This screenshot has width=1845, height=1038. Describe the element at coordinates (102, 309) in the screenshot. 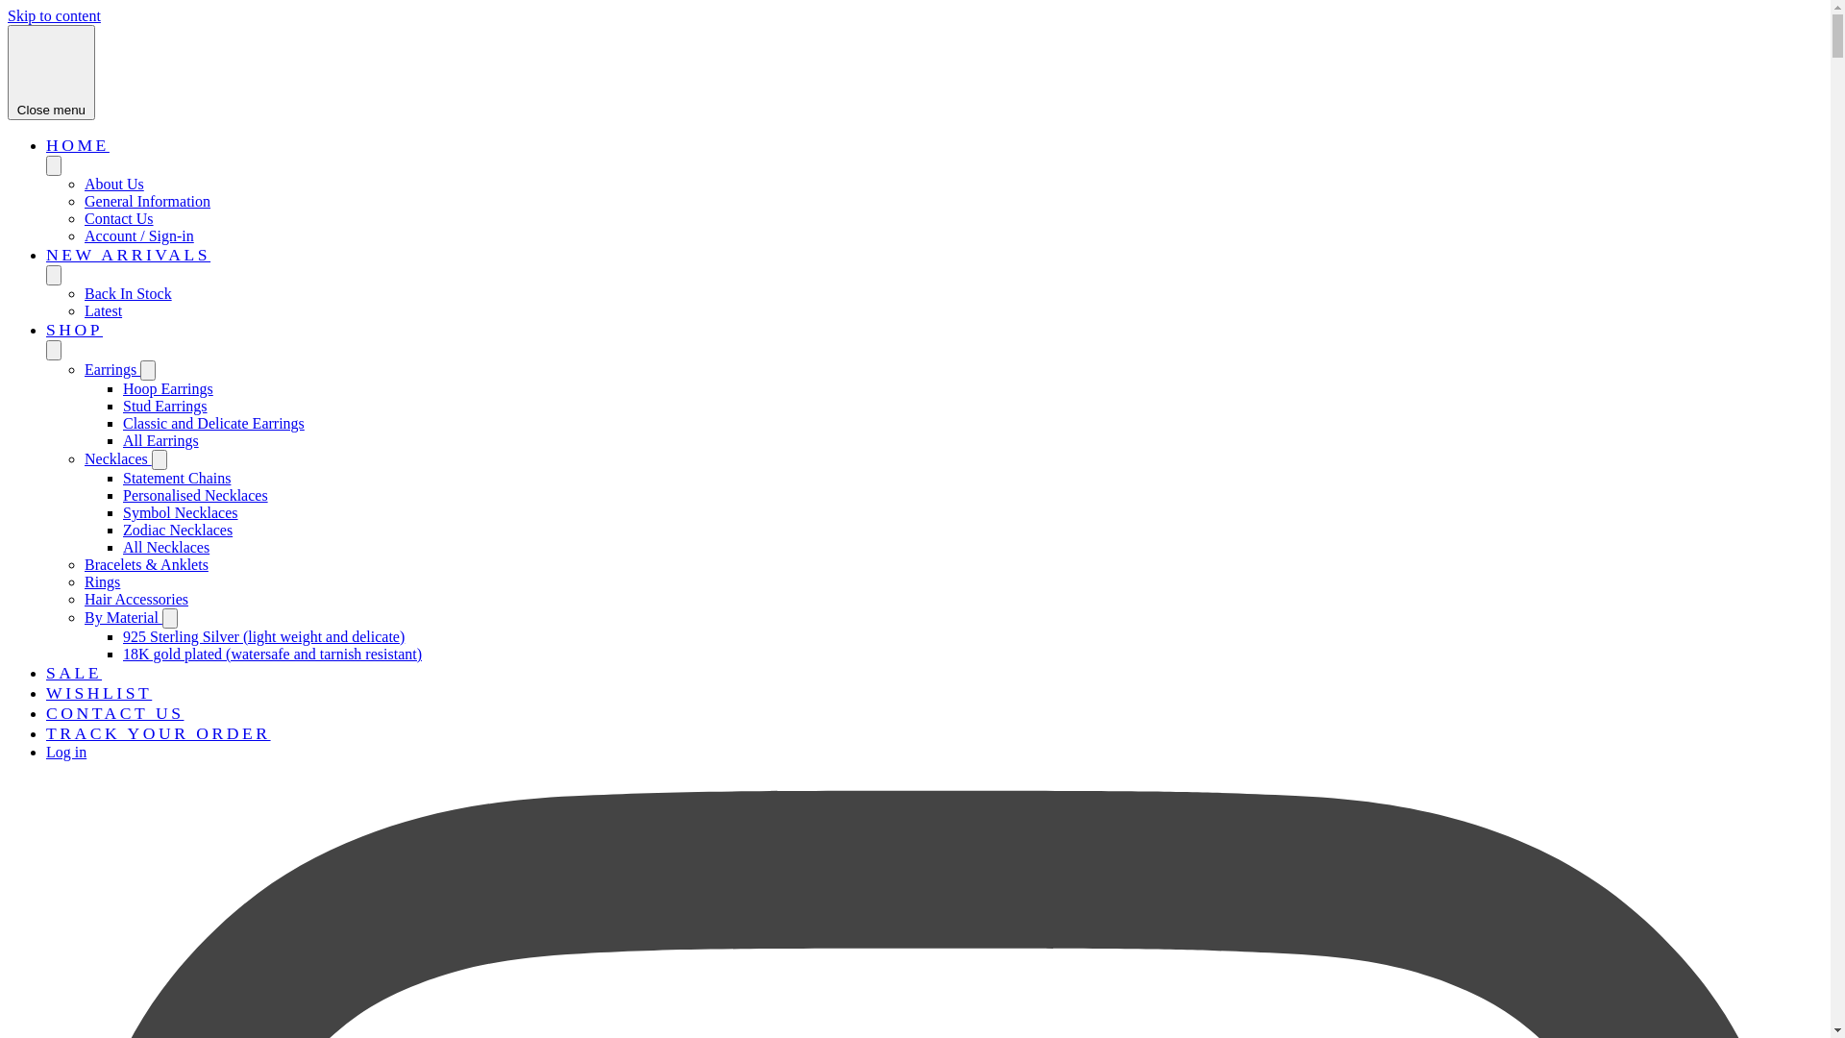

I see `'Latest'` at that location.